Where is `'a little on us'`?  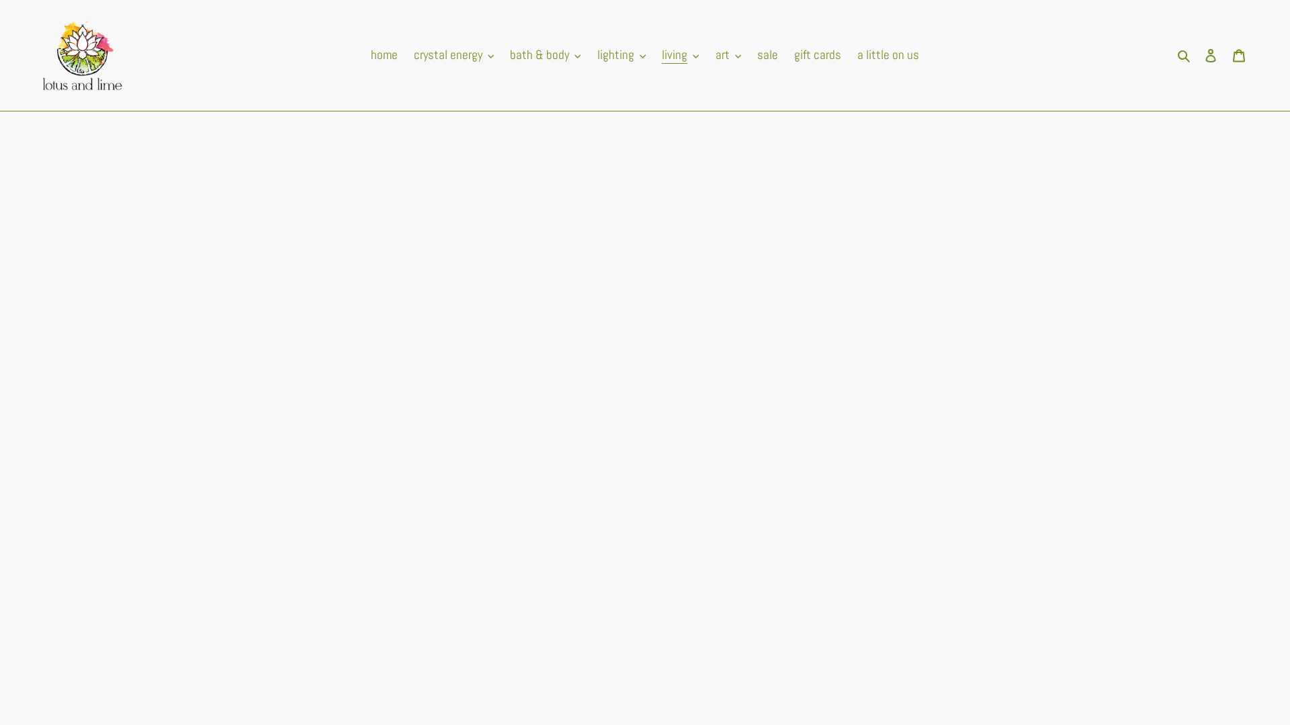 'a little on us' is located at coordinates (888, 54).